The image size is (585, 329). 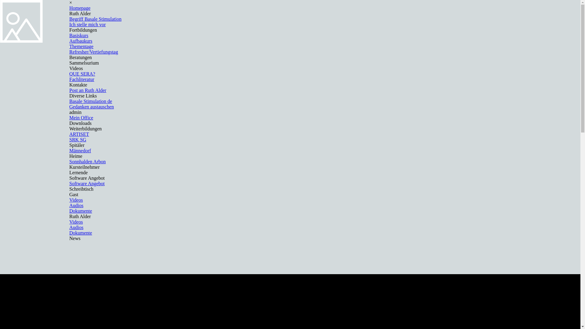 I want to click on 'Ich stelle mich vor', so click(x=87, y=24).